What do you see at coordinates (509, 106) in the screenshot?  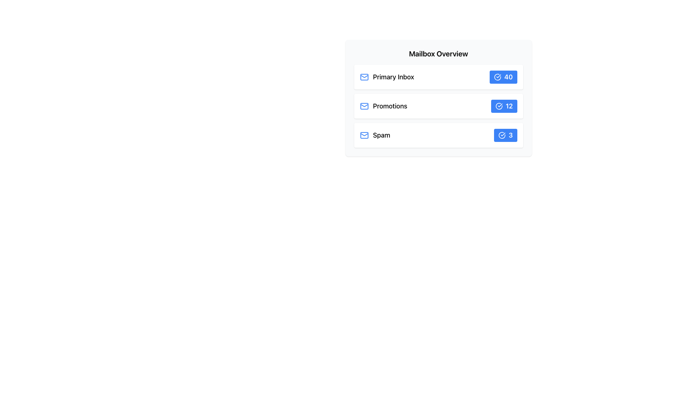 I see `the numeric text element (12) in the lower-right corner of the blue button in the 'Promotions' section of the 'Mailbox Overview'` at bounding box center [509, 106].